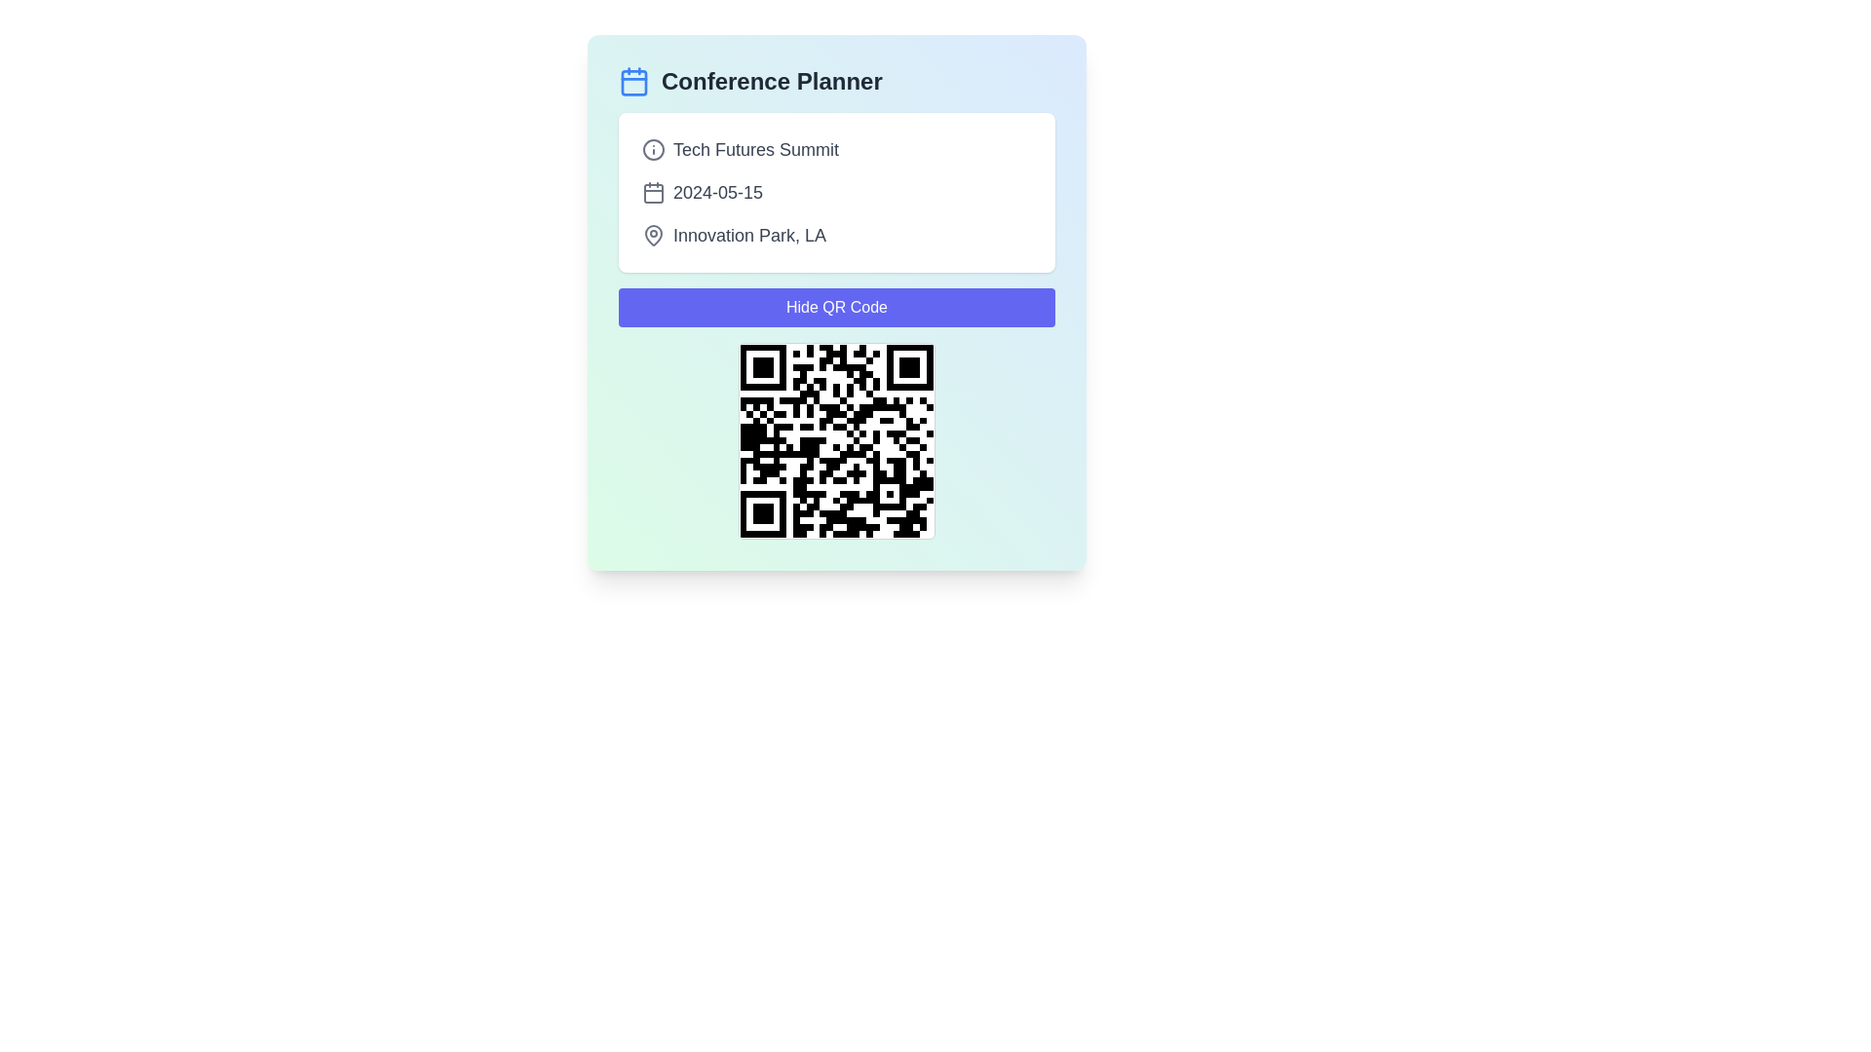 This screenshot has width=1871, height=1052. Describe the element at coordinates (837, 81) in the screenshot. I see `the 'Conference Planner' header with a calendar icon, which is the first visible item in the gradient background section` at that location.